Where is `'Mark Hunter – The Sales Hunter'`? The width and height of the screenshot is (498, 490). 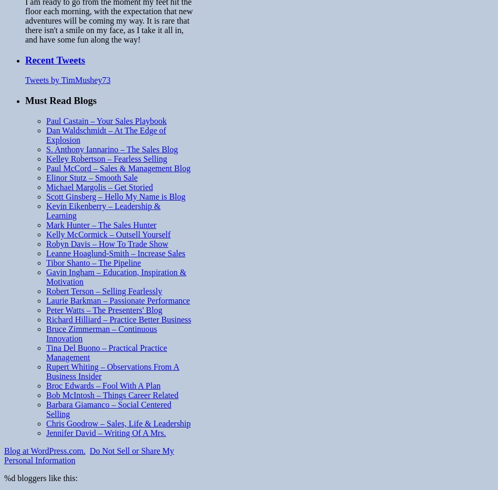
'Mark Hunter – The Sales Hunter' is located at coordinates (100, 224).